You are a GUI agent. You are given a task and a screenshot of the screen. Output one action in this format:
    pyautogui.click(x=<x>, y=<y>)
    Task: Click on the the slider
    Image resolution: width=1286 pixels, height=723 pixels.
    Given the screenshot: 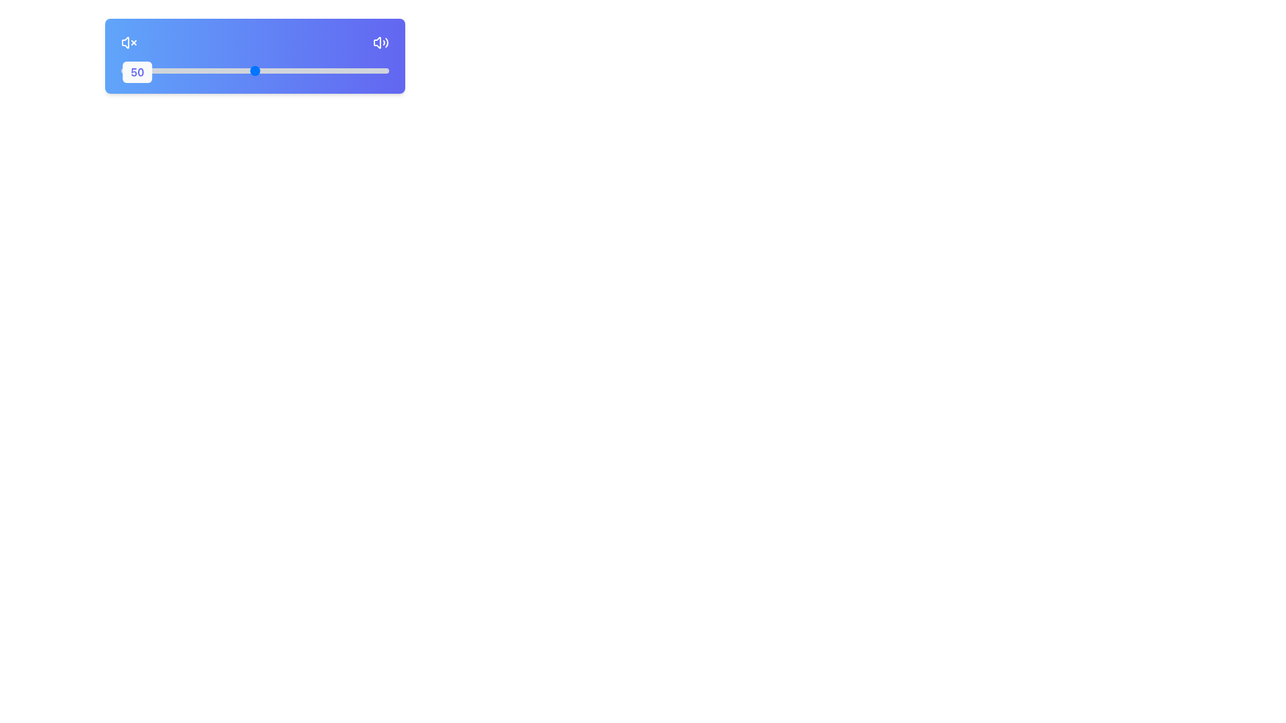 What is the action you would take?
    pyautogui.click(x=192, y=70)
    